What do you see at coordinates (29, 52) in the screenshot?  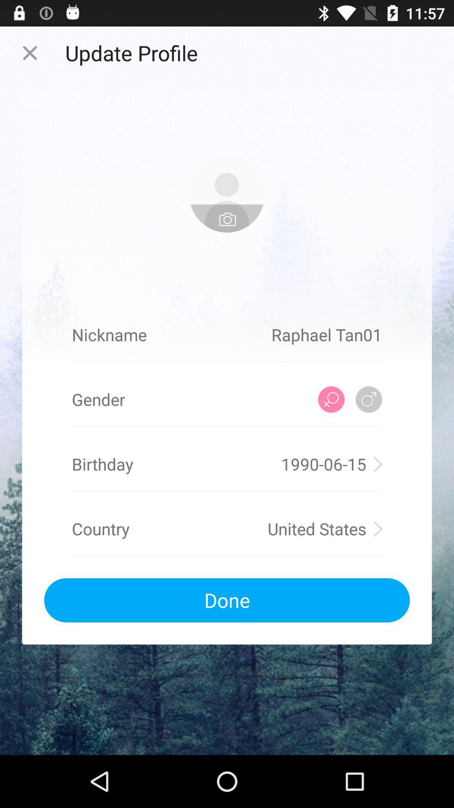 I see `the page` at bounding box center [29, 52].